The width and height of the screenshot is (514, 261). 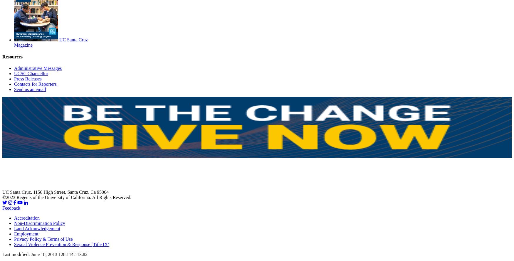 I want to click on 'UCSC Chancellor', so click(x=14, y=73).